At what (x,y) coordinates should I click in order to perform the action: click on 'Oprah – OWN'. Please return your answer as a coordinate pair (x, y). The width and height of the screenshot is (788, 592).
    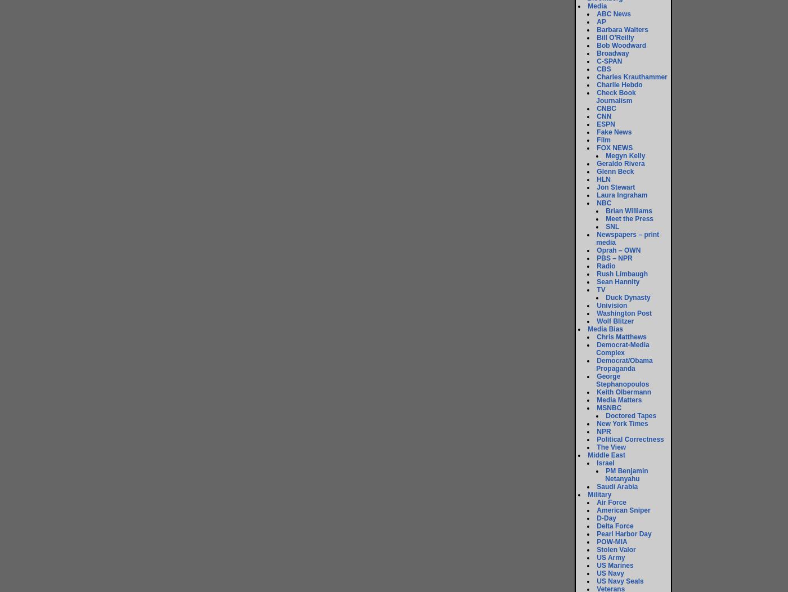
    Looking at the image, I should click on (596, 250).